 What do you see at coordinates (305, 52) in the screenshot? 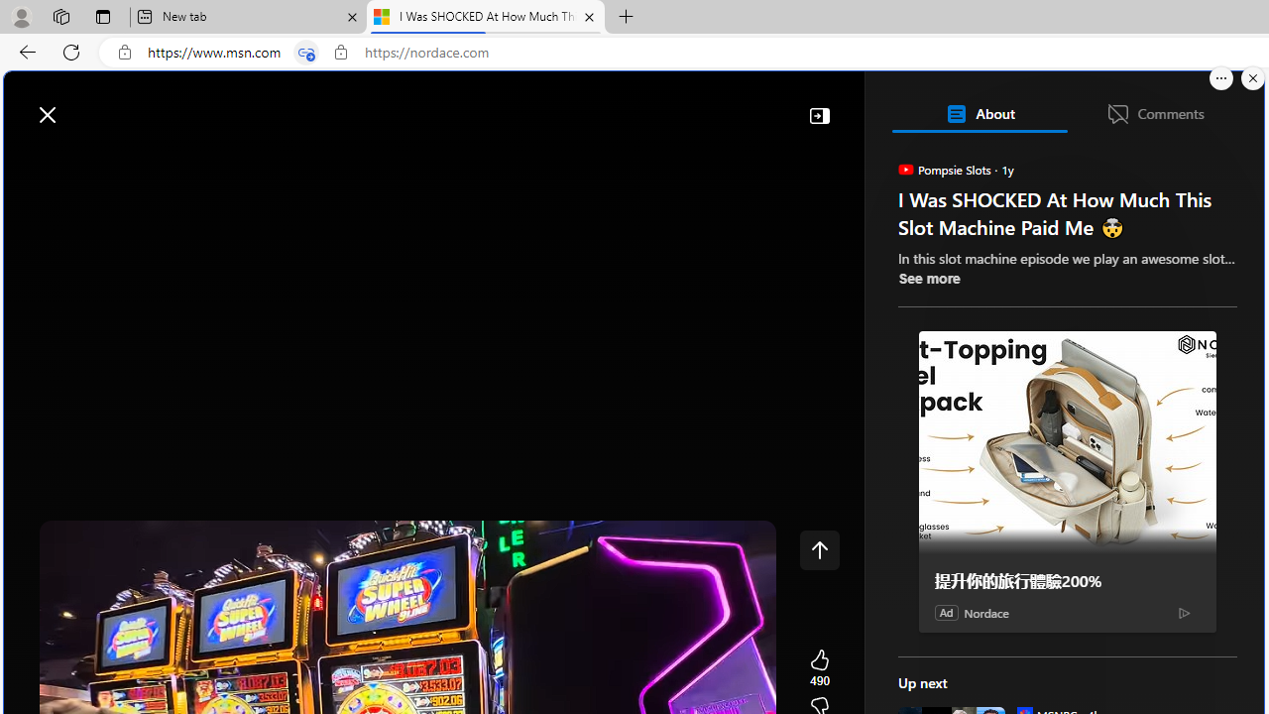
I see `'Tabs in split screen'` at bounding box center [305, 52].